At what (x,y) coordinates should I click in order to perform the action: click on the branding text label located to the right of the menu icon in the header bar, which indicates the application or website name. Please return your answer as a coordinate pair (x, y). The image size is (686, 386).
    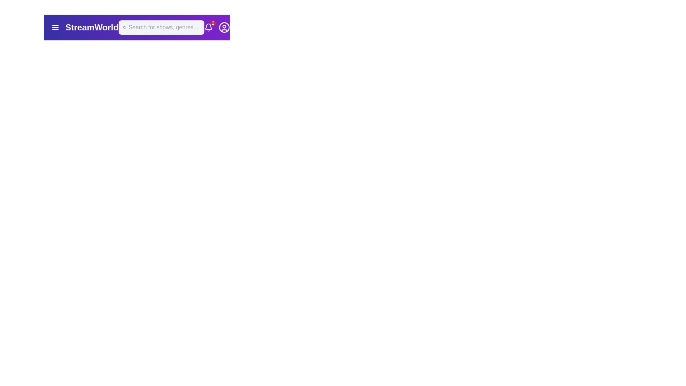
    Looking at the image, I should click on (85, 27).